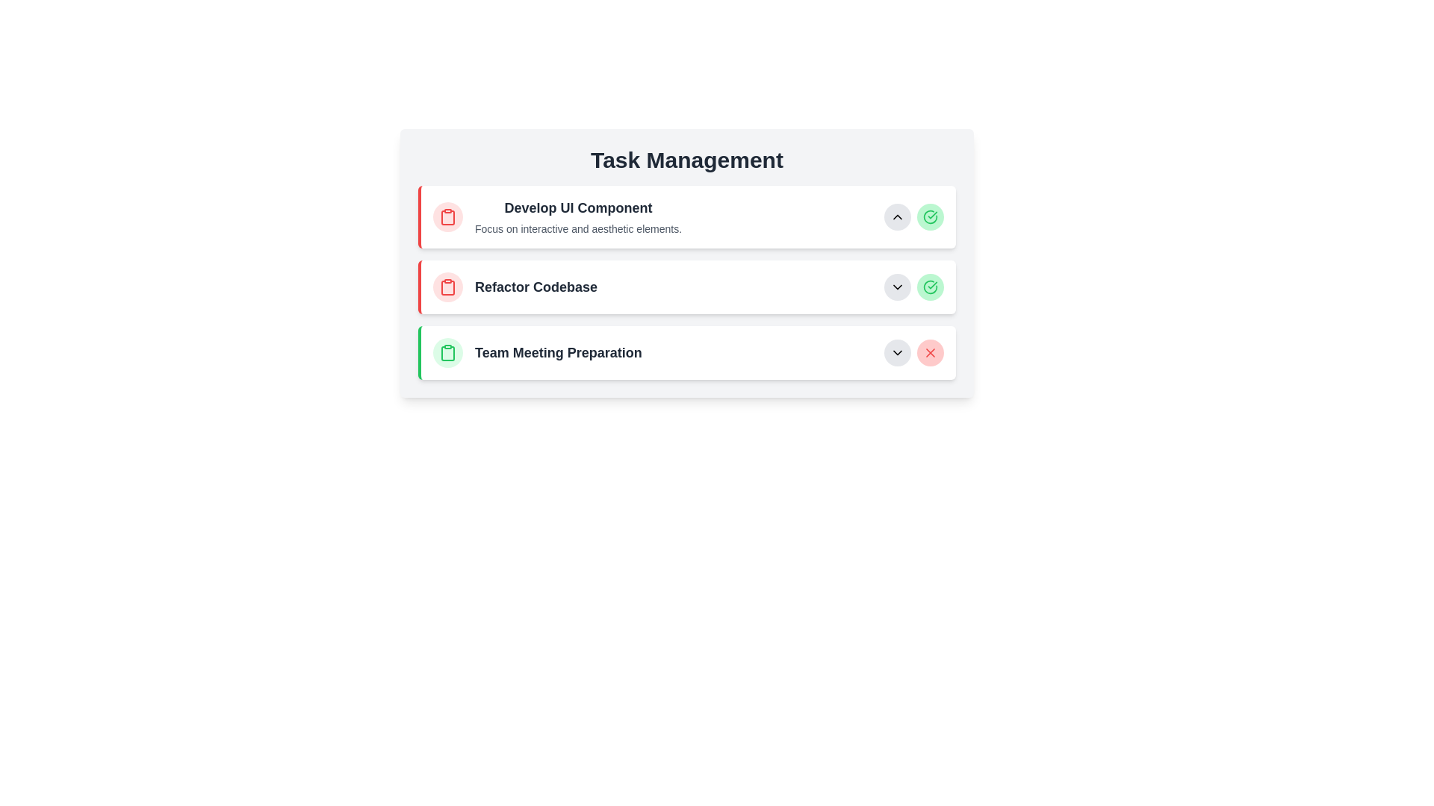 The width and height of the screenshot is (1434, 806). What do you see at coordinates (447, 353) in the screenshot?
I see `the green circular icon button with a clipboard icon that is positioned to the left of the 'Team Meeting Preparation' text in the third entry of the list` at bounding box center [447, 353].